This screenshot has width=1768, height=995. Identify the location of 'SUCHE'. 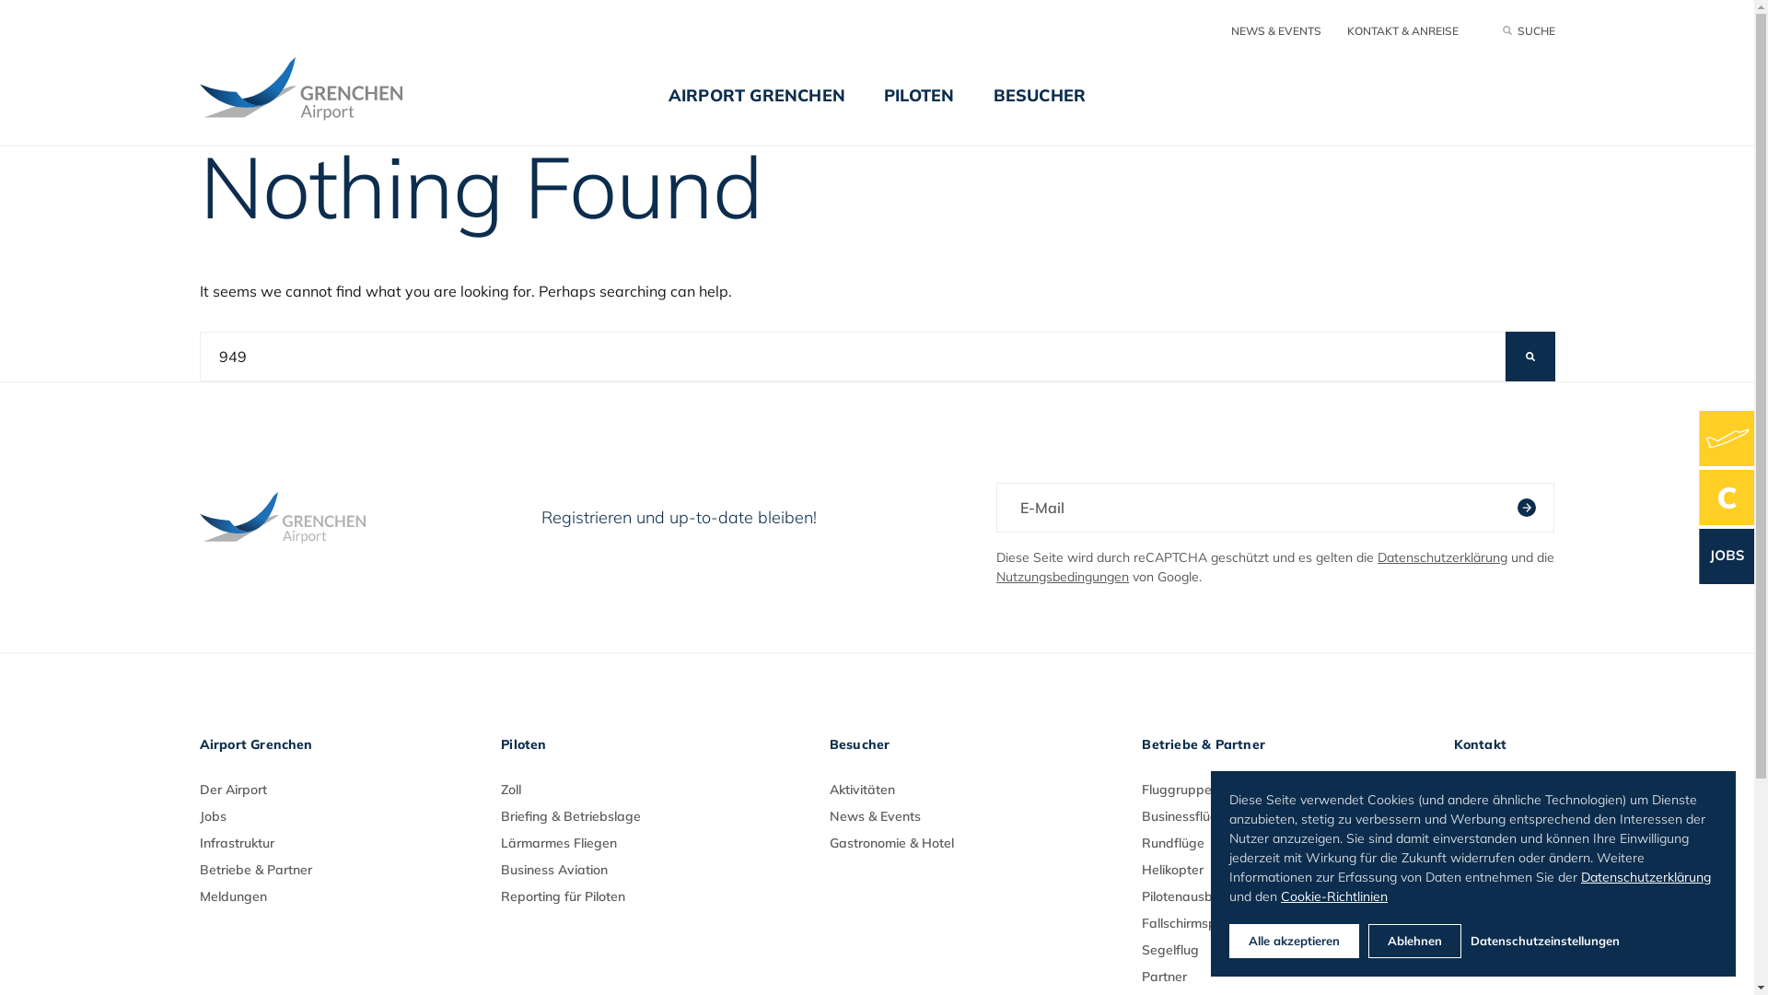
(1529, 30).